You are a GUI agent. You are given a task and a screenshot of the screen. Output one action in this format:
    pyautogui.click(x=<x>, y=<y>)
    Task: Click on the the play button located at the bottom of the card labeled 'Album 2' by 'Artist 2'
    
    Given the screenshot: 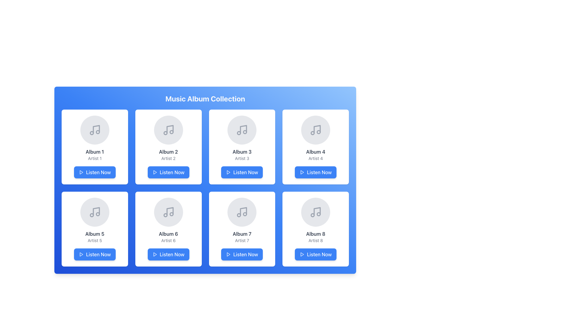 What is the action you would take?
    pyautogui.click(x=168, y=172)
    